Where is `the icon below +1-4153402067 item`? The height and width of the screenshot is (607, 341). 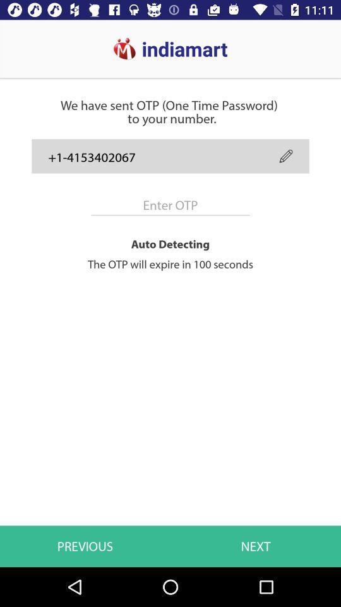 the icon below +1-4153402067 item is located at coordinates (170, 205).